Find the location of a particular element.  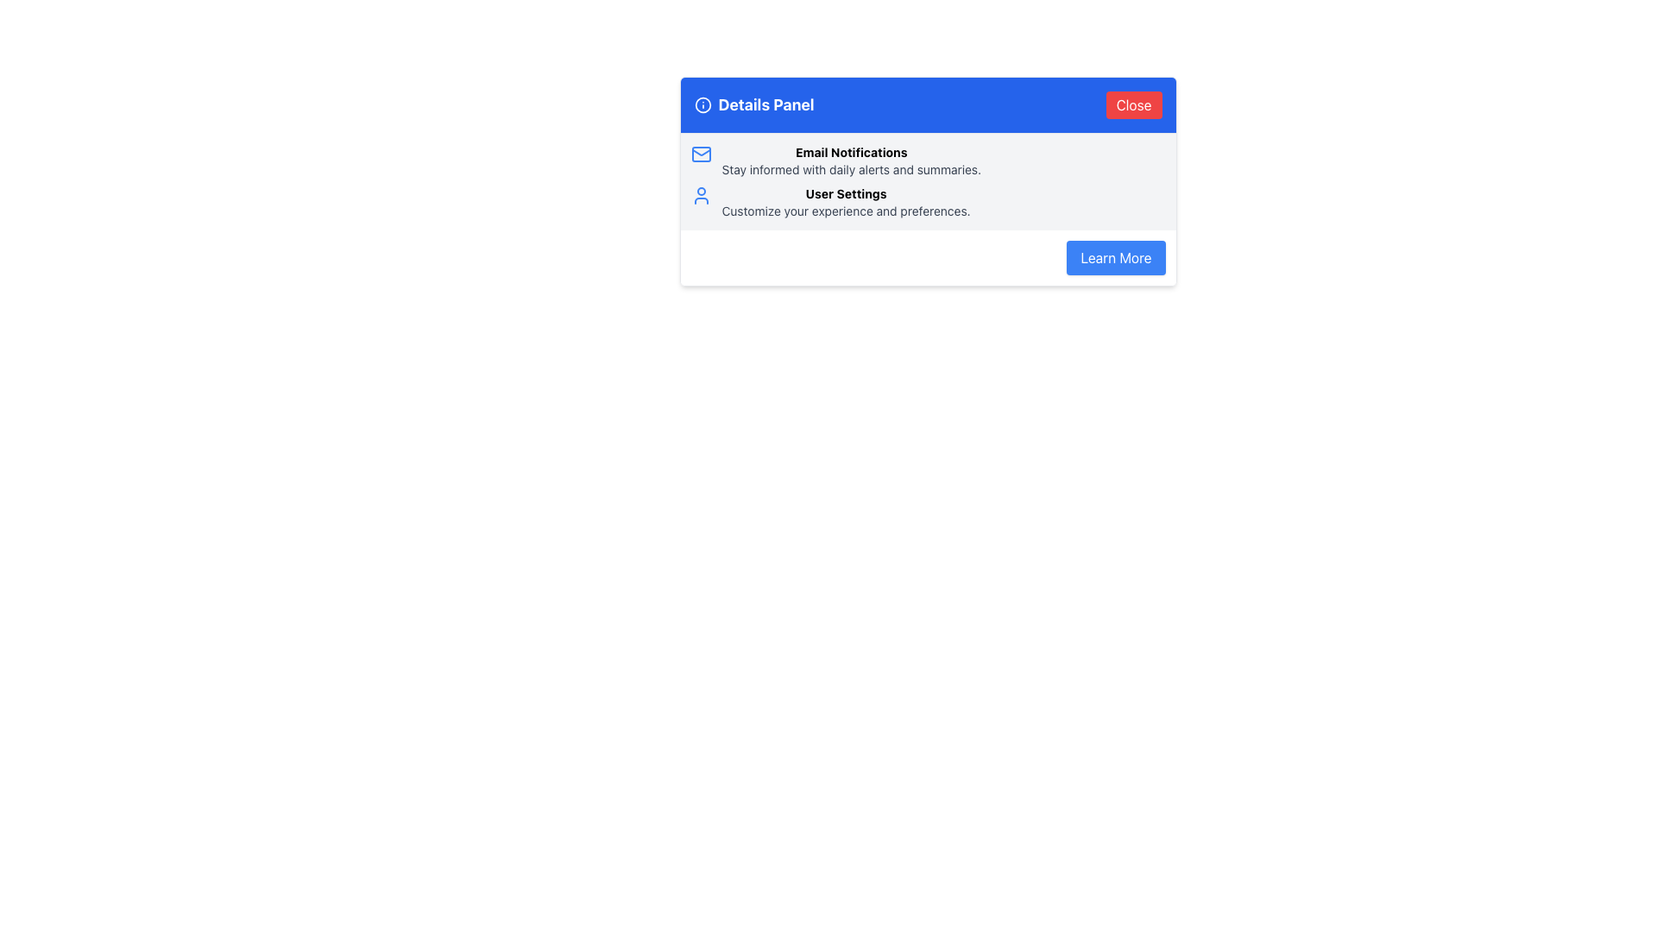

the rightmost button in the header bar is located at coordinates (1134, 105).